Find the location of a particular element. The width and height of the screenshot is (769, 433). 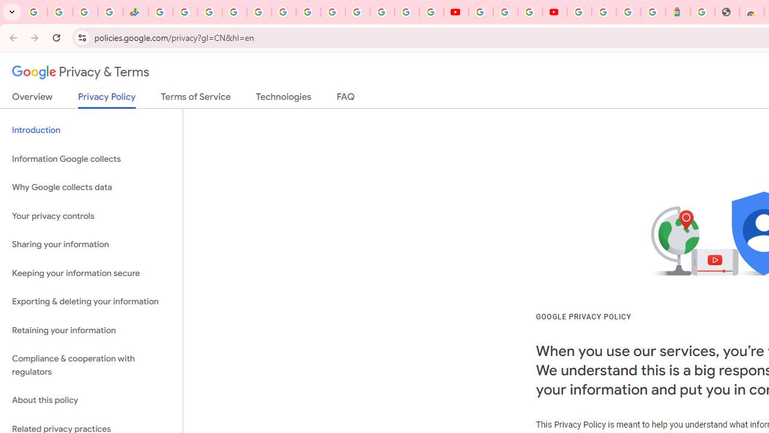

'Sharing your information' is located at coordinates (91, 244).